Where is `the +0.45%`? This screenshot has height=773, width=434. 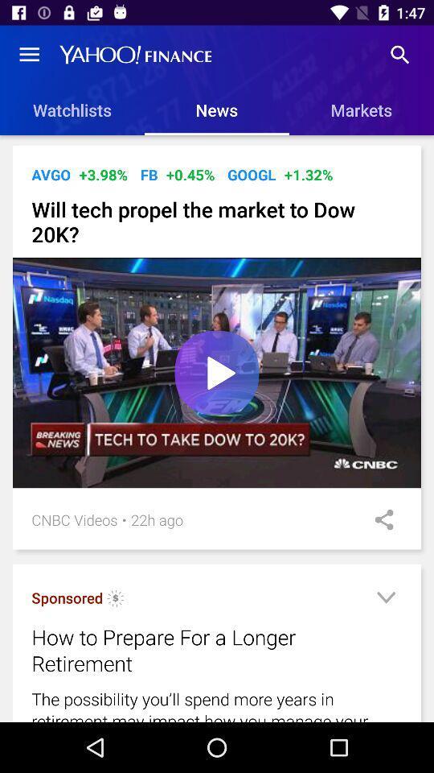 the +0.45% is located at coordinates (190, 175).